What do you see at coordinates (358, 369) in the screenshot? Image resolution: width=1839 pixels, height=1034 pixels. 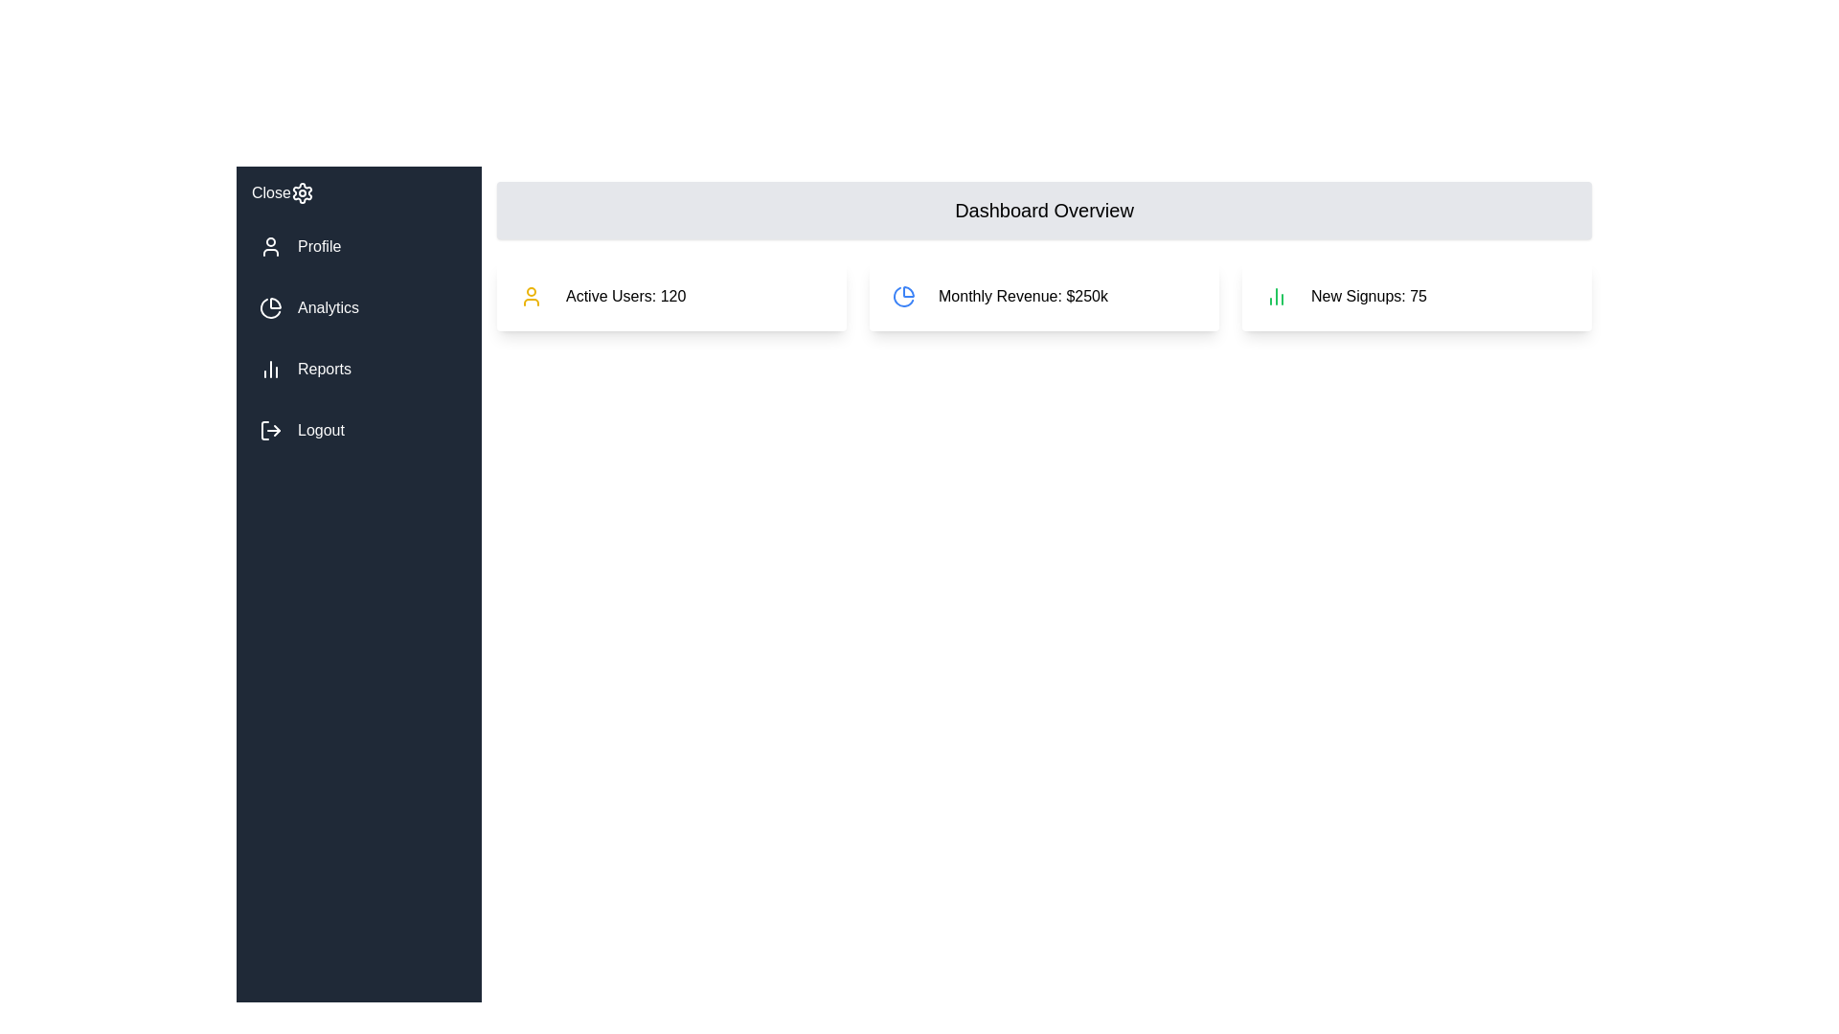 I see `the third list item in the sidebar navigation that links to the 'Reports' section` at bounding box center [358, 369].